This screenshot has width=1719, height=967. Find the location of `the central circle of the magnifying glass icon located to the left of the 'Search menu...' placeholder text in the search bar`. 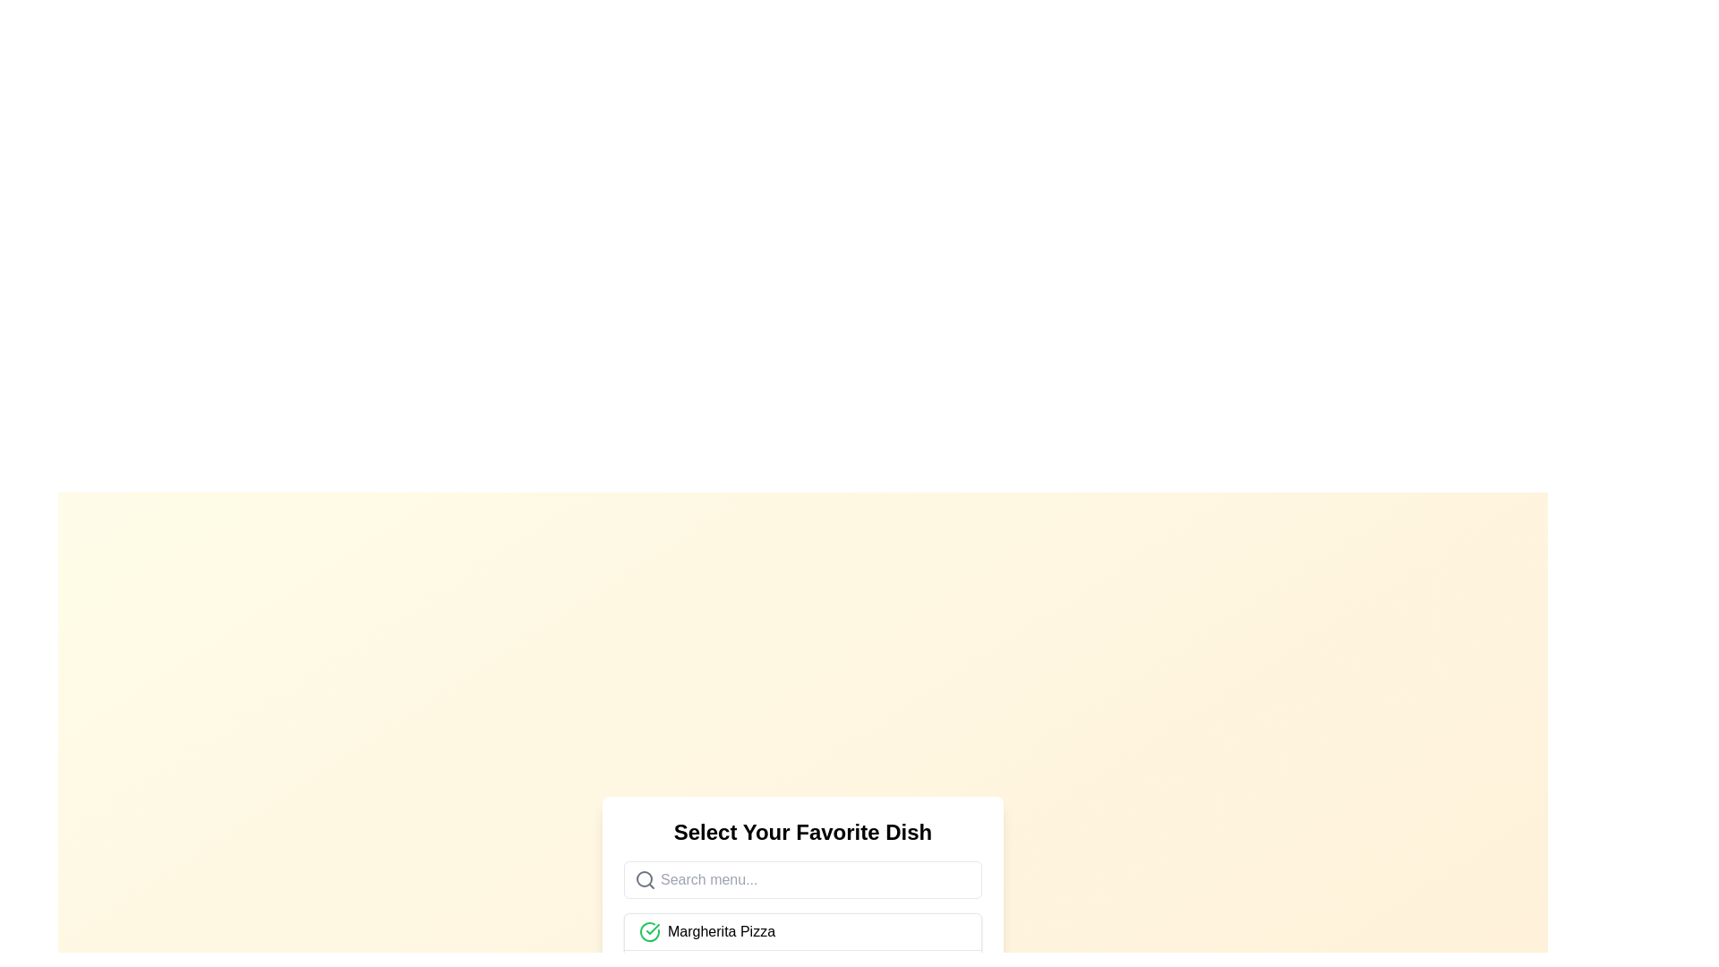

the central circle of the magnifying glass icon located to the left of the 'Search menu...' placeholder text in the search bar is located at coordinates (645, 877).